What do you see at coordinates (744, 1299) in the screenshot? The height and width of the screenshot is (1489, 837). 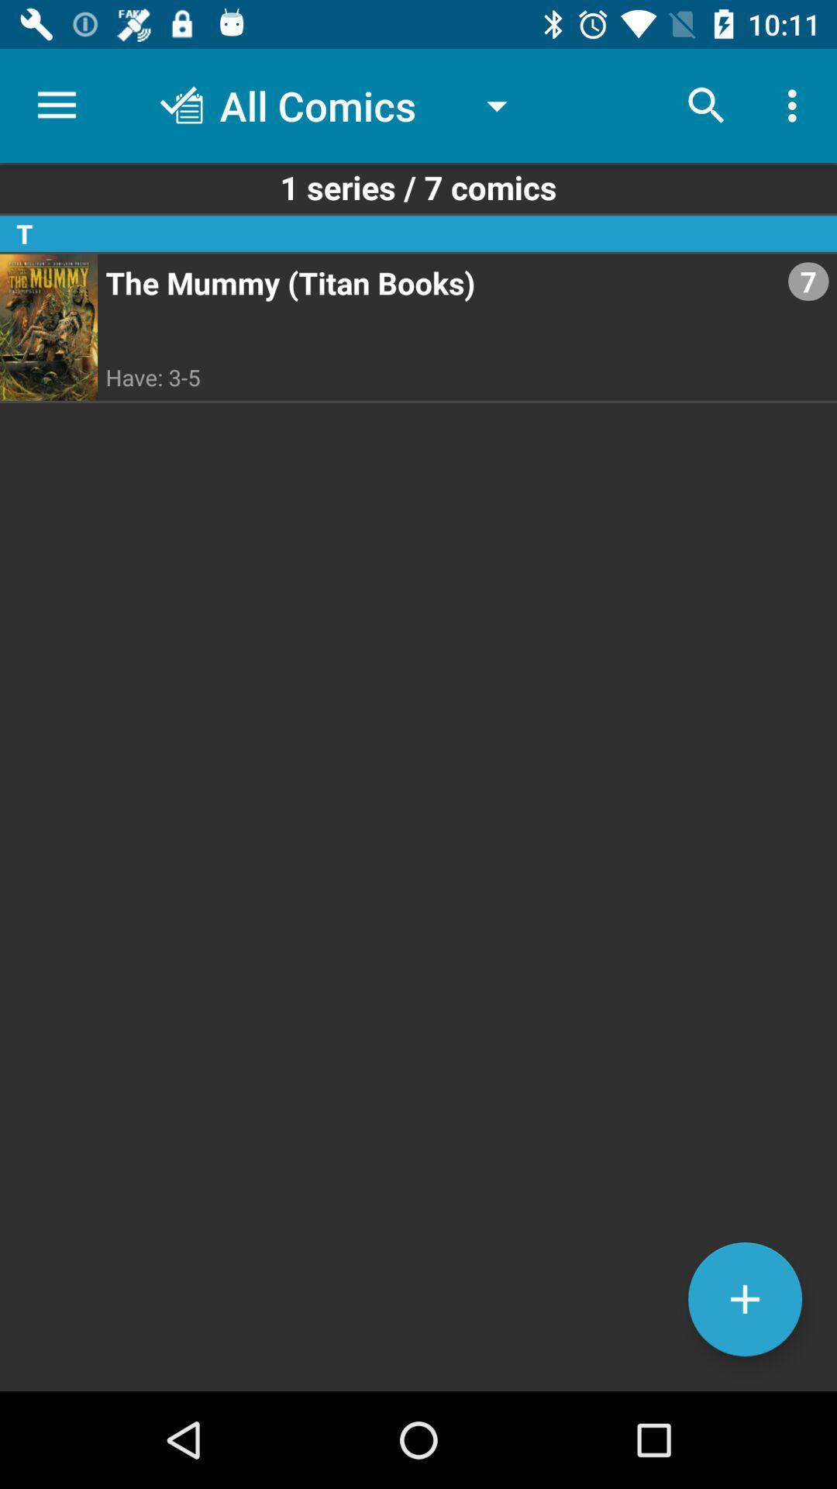 I see `item` at bounding box center [744, 1299].